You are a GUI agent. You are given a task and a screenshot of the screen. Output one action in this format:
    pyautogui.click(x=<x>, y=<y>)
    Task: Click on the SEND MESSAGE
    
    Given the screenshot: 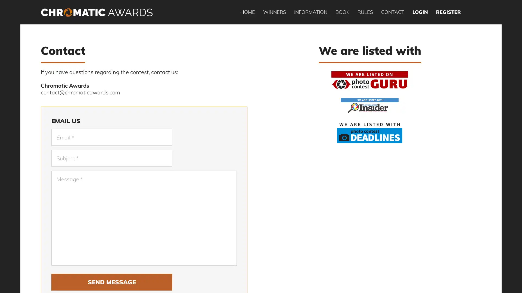 What is the action you would take?
    pyautogui.click(x=111, y=282)
    